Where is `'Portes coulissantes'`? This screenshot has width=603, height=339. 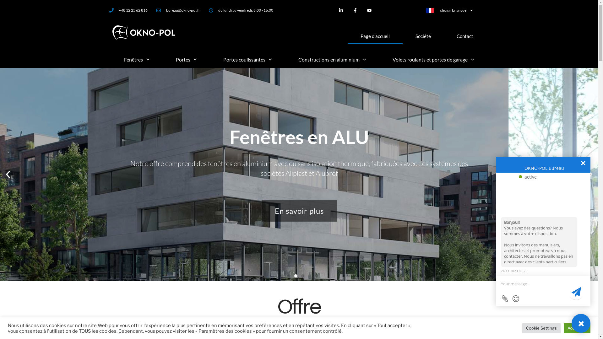
'Portes coulissantes' is located at coordinates (210, 59).